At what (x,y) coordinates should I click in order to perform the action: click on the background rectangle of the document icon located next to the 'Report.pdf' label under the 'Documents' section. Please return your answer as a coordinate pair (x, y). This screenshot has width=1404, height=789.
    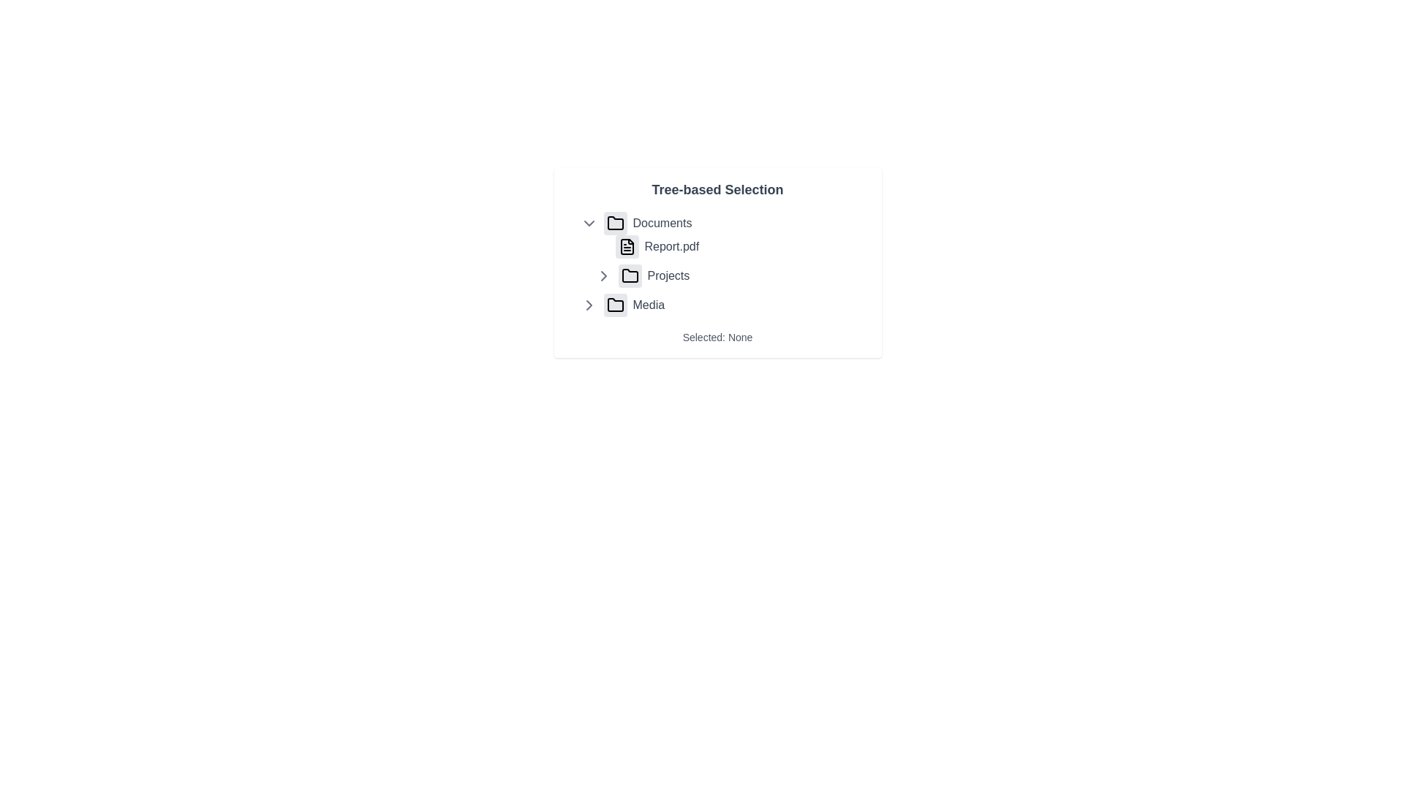
    Looking at the image, I should click on (627, 246).